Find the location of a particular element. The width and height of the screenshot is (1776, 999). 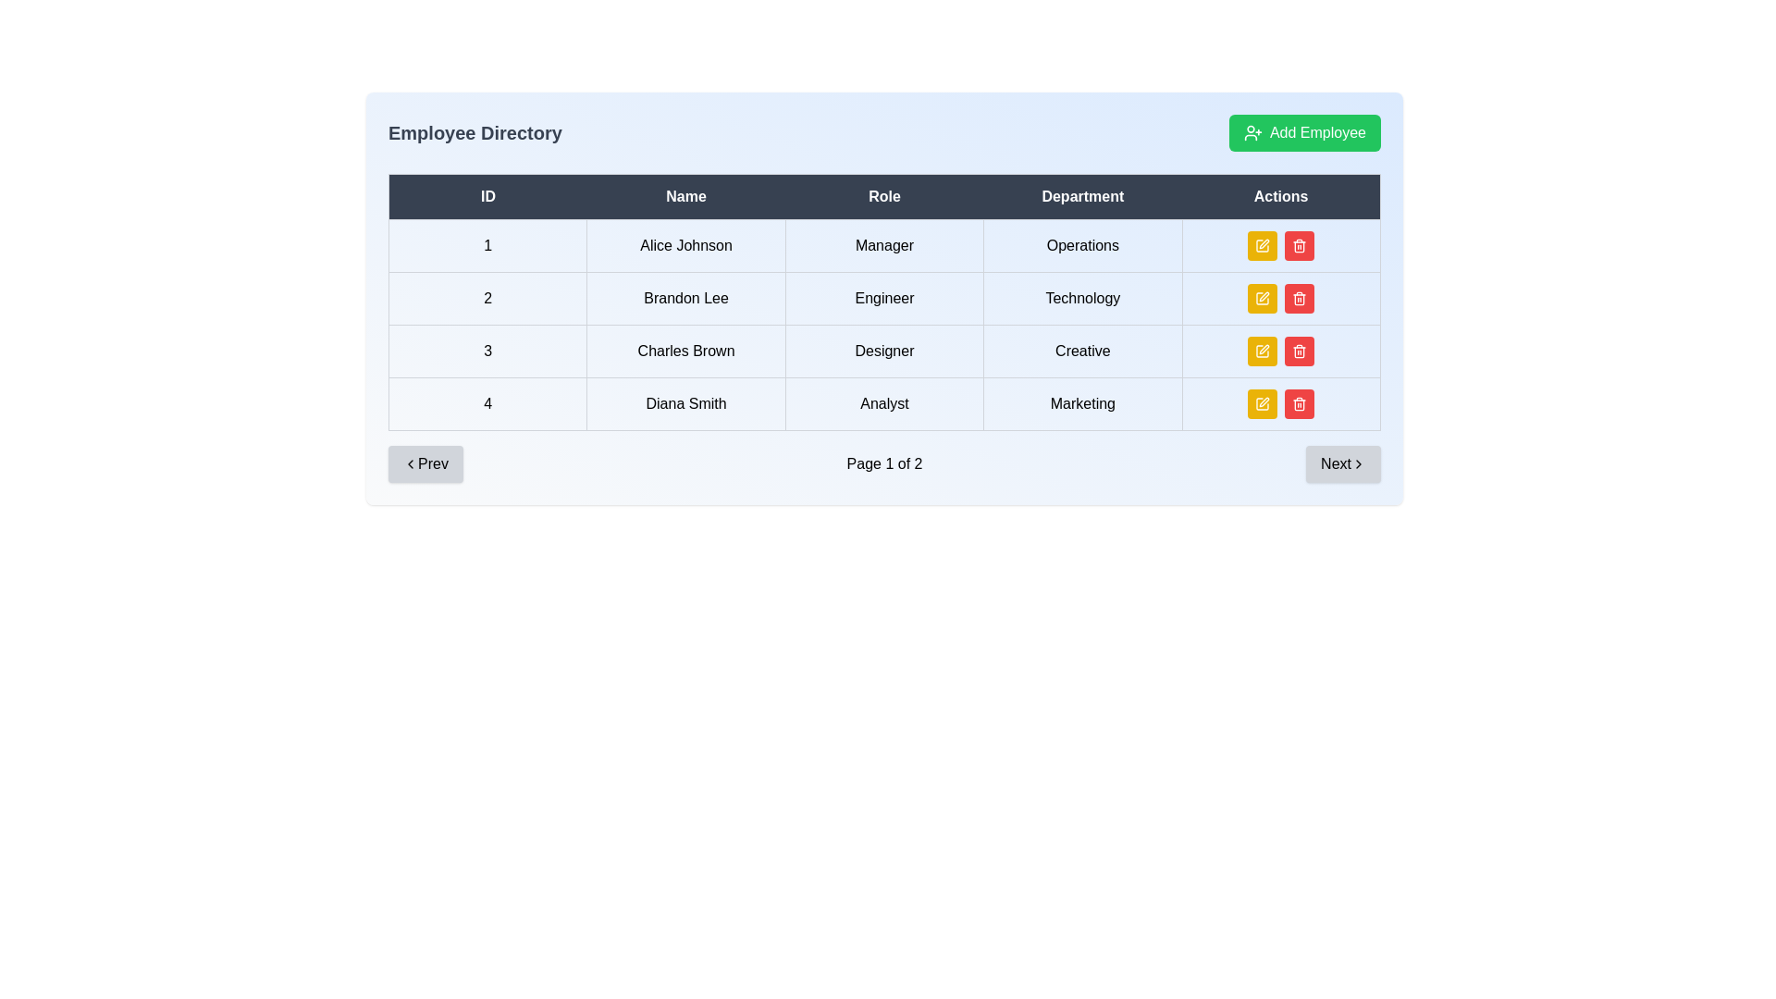

the text display element containing 'Engineer' in the second row of the table under the 'Role' column, positioned between 'Name' and 'Department.' is located at coordinates (883, 298).